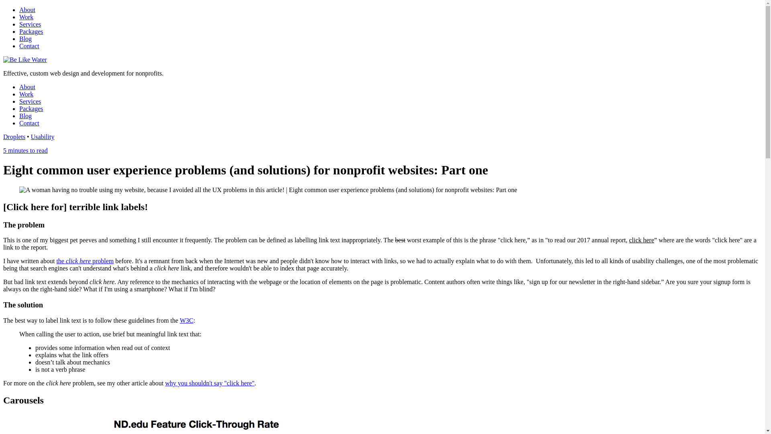 The width and height of the screenshot is (771, 434). Describe the element at coordinates (30, 24) in the screenshot. I see `'Services'` at that location.